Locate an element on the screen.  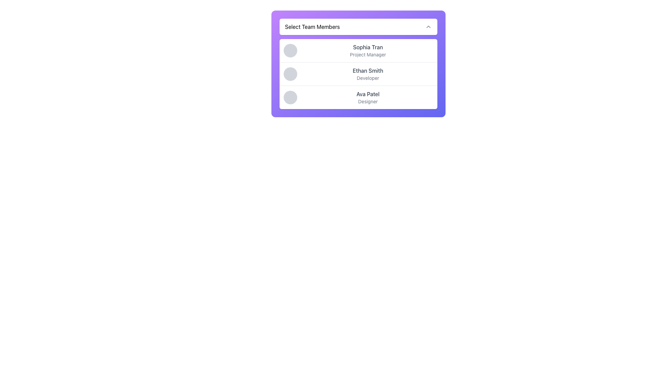
on the selectable list item for 'Ethan Smith' is located at coordinates (358, 74).